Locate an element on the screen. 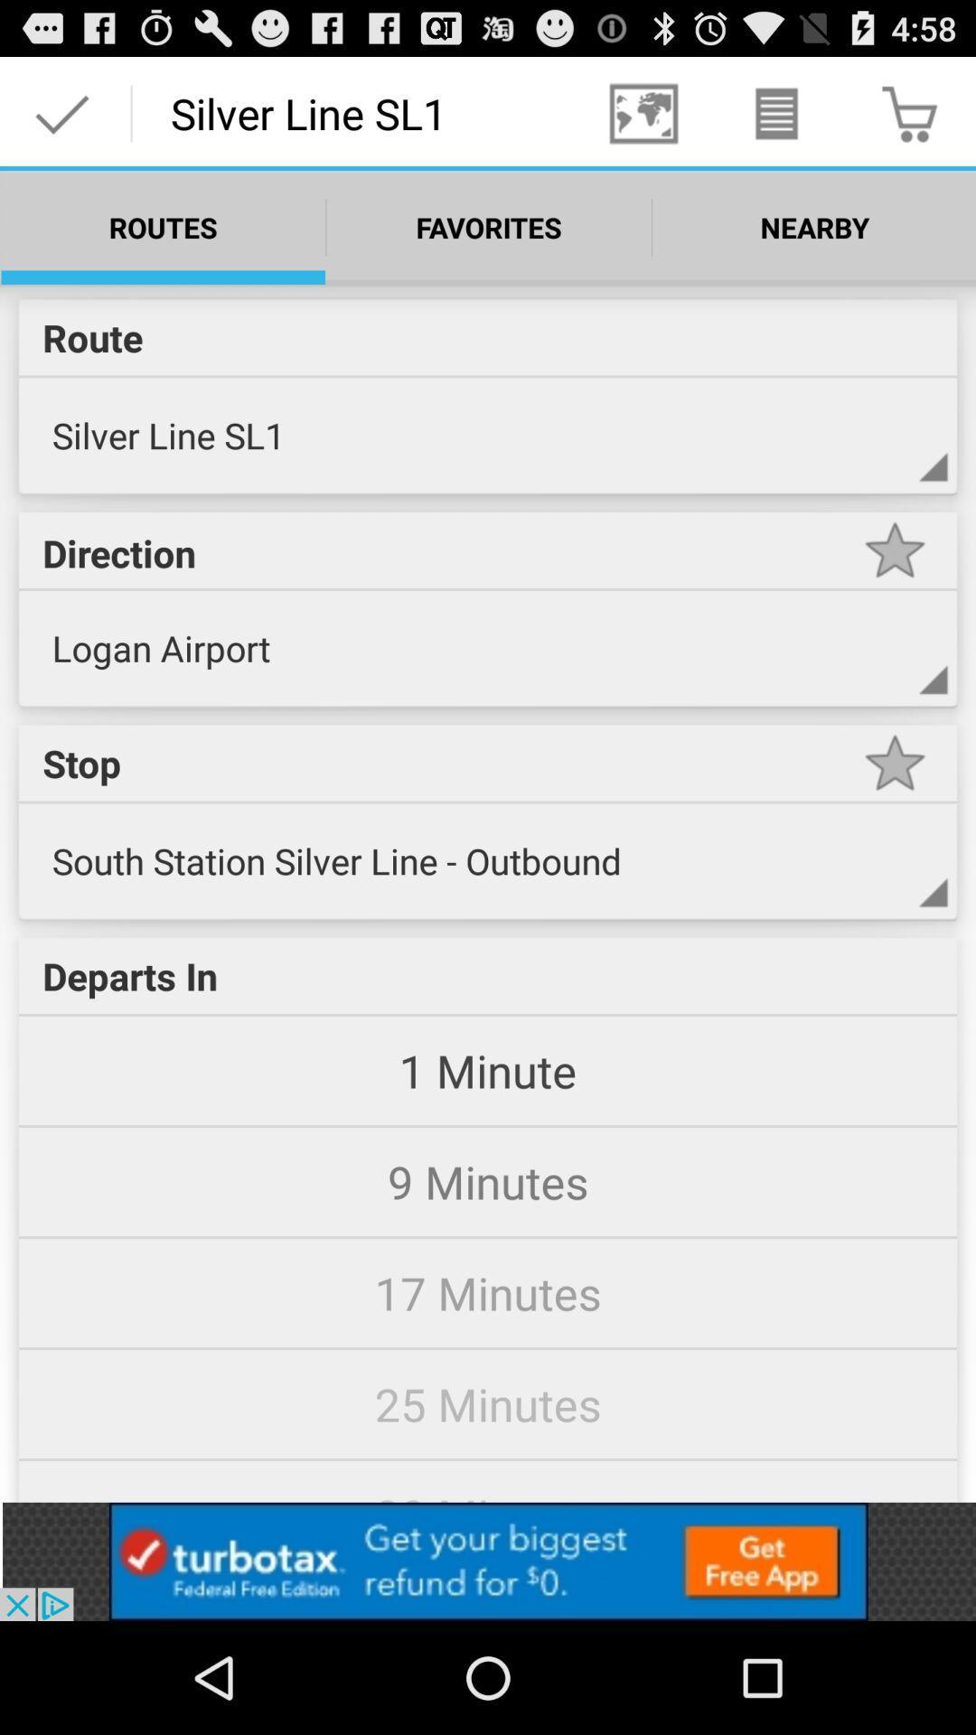 This screenshot has width=976, height=1735. advertisement button is located at coordinates (488, 1561).